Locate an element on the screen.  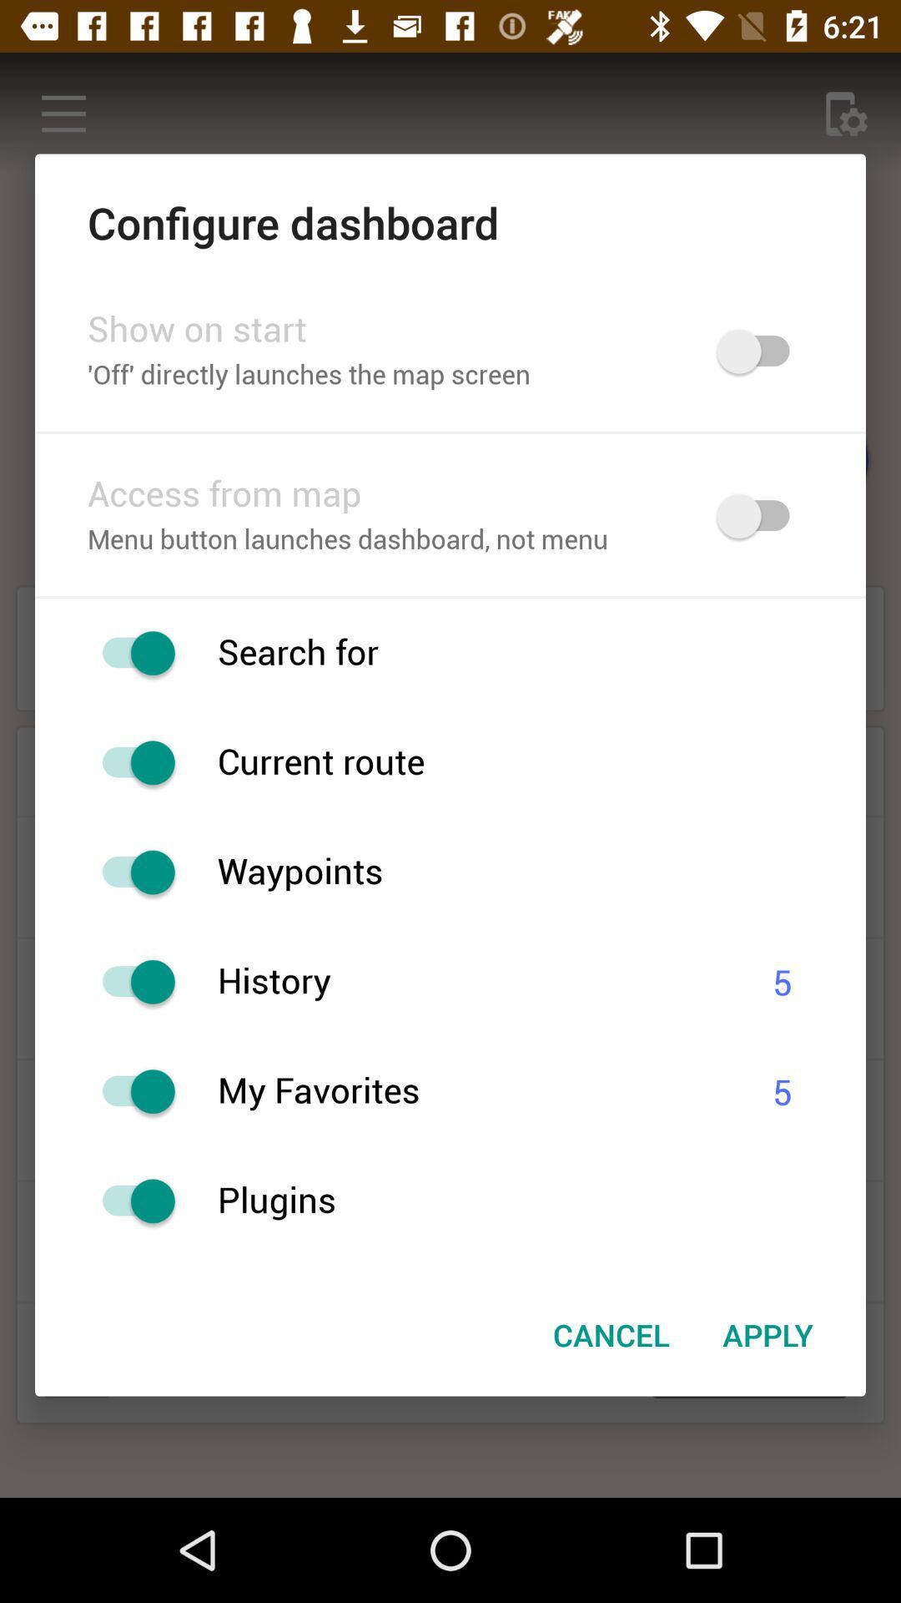
item next to the 5 icon is located at coordinates (474, 1091).